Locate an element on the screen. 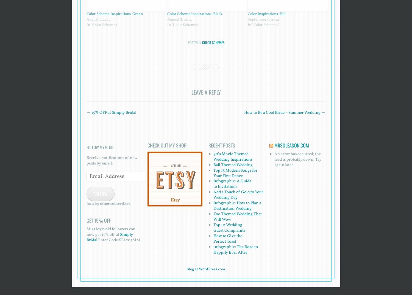 This screenshot has height=295, width=412. 'Posted in' is located at coordinates (187, 42).